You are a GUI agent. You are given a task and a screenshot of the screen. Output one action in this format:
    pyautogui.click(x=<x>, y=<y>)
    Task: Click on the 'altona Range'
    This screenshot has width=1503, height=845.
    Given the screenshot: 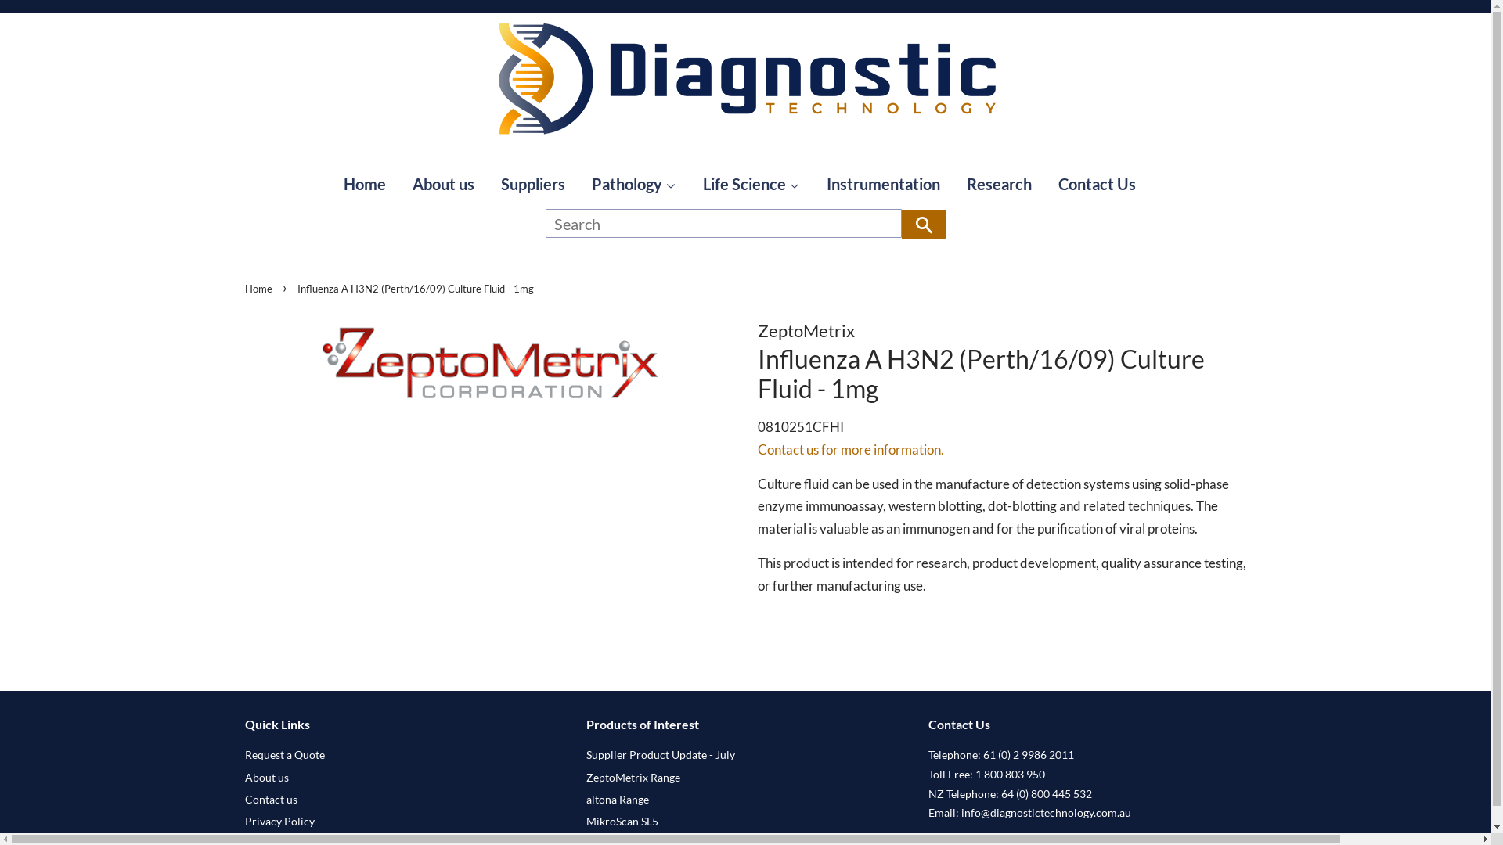 What is the action you would take?
    pyautogui.click(x=616, y=799)
    